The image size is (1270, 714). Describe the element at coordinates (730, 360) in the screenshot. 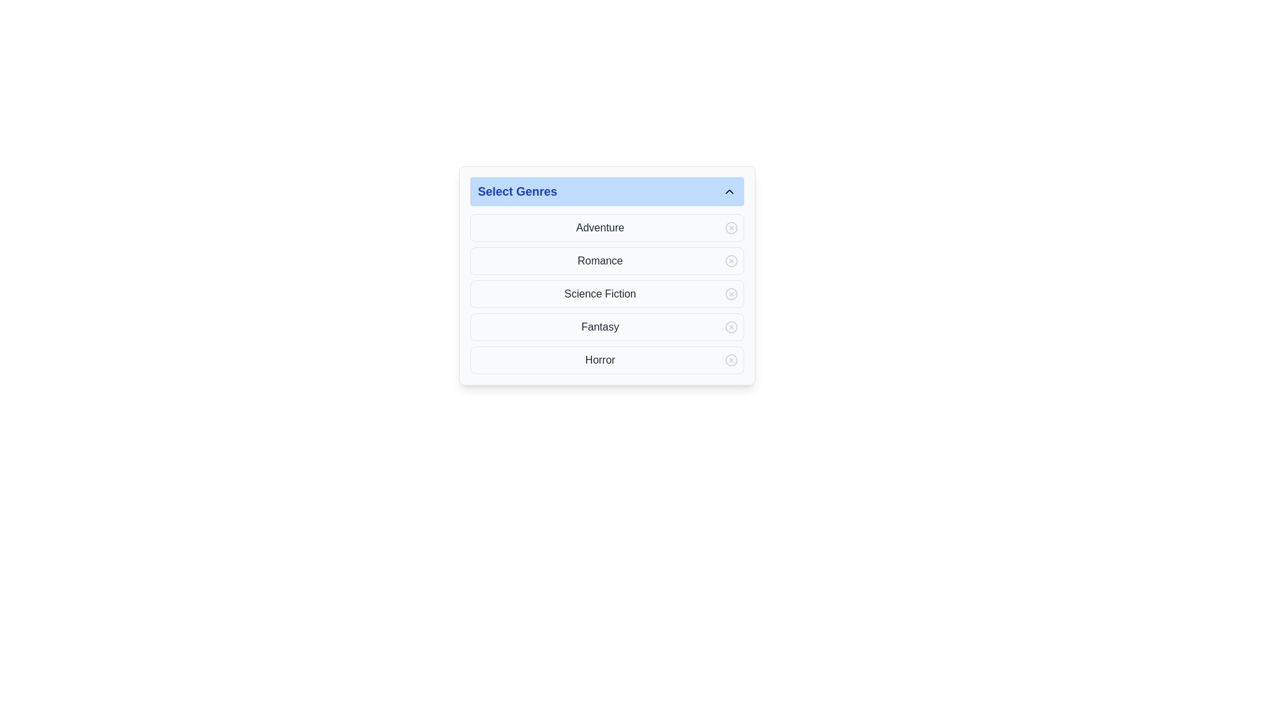

I see `the second button aligned to the far right of the 'Horror' row` at that location.